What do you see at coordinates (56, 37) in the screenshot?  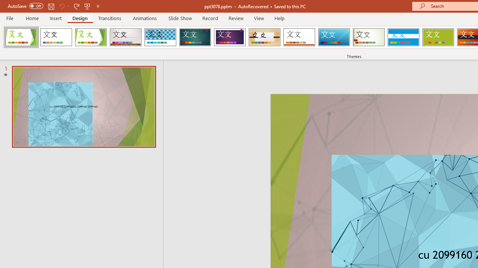 I see `'Office Theme'` at bounding box center [56, 37].